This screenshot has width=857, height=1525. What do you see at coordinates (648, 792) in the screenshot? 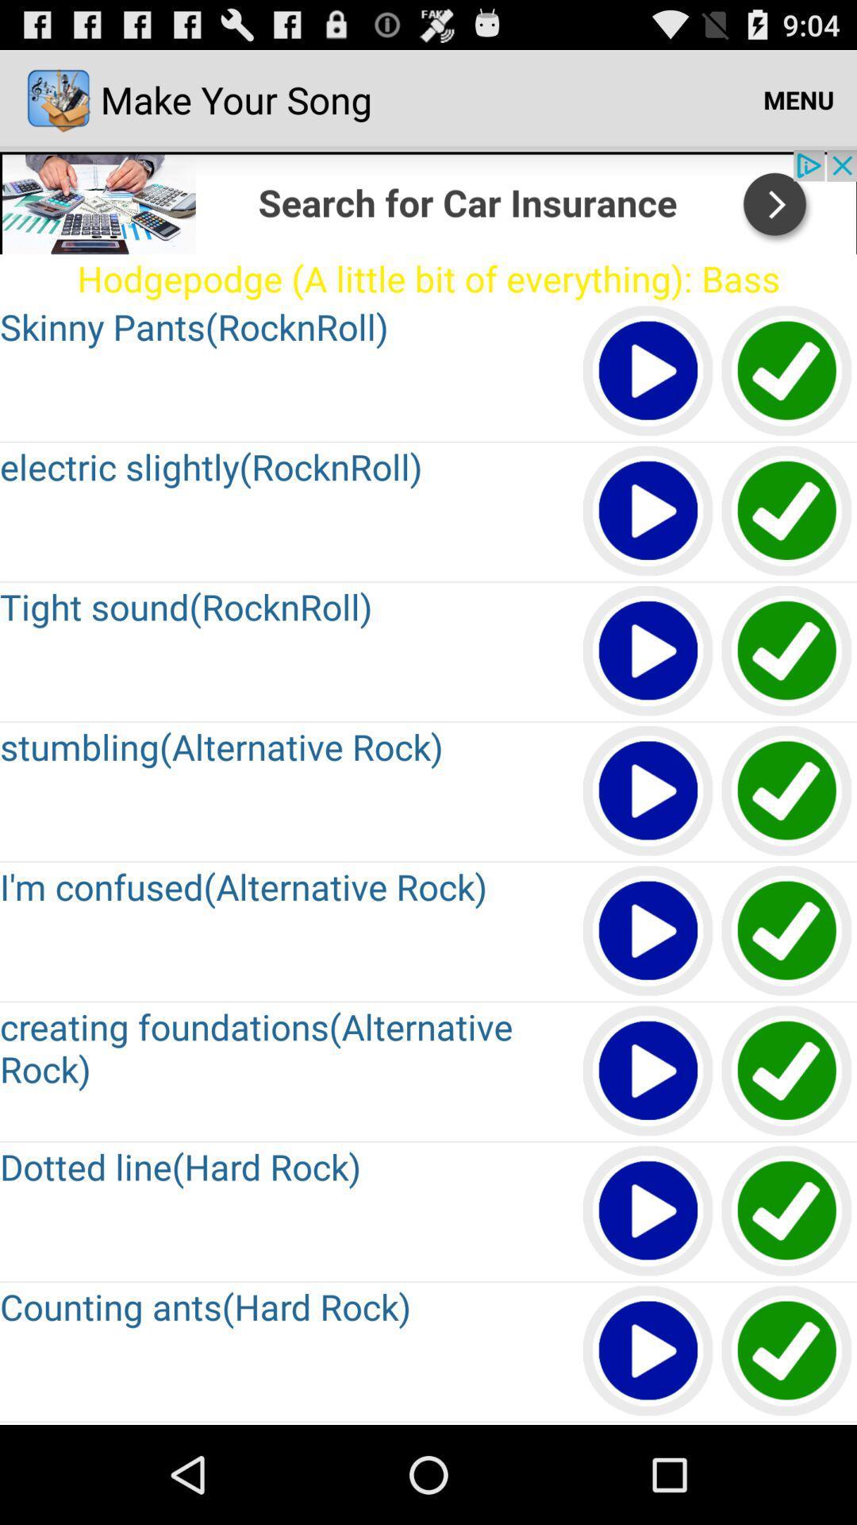
I see `button` at bounding box center [648, 792].